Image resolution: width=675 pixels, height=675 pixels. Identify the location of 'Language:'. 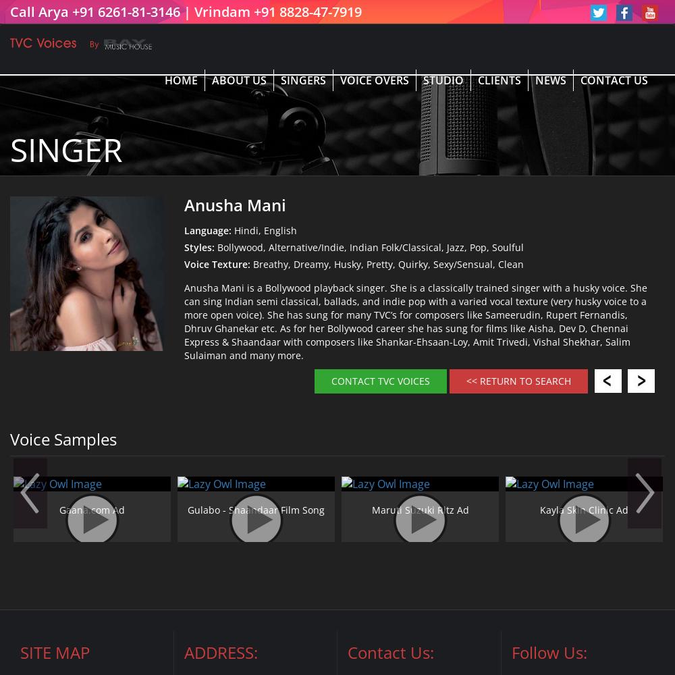
(207, 230).